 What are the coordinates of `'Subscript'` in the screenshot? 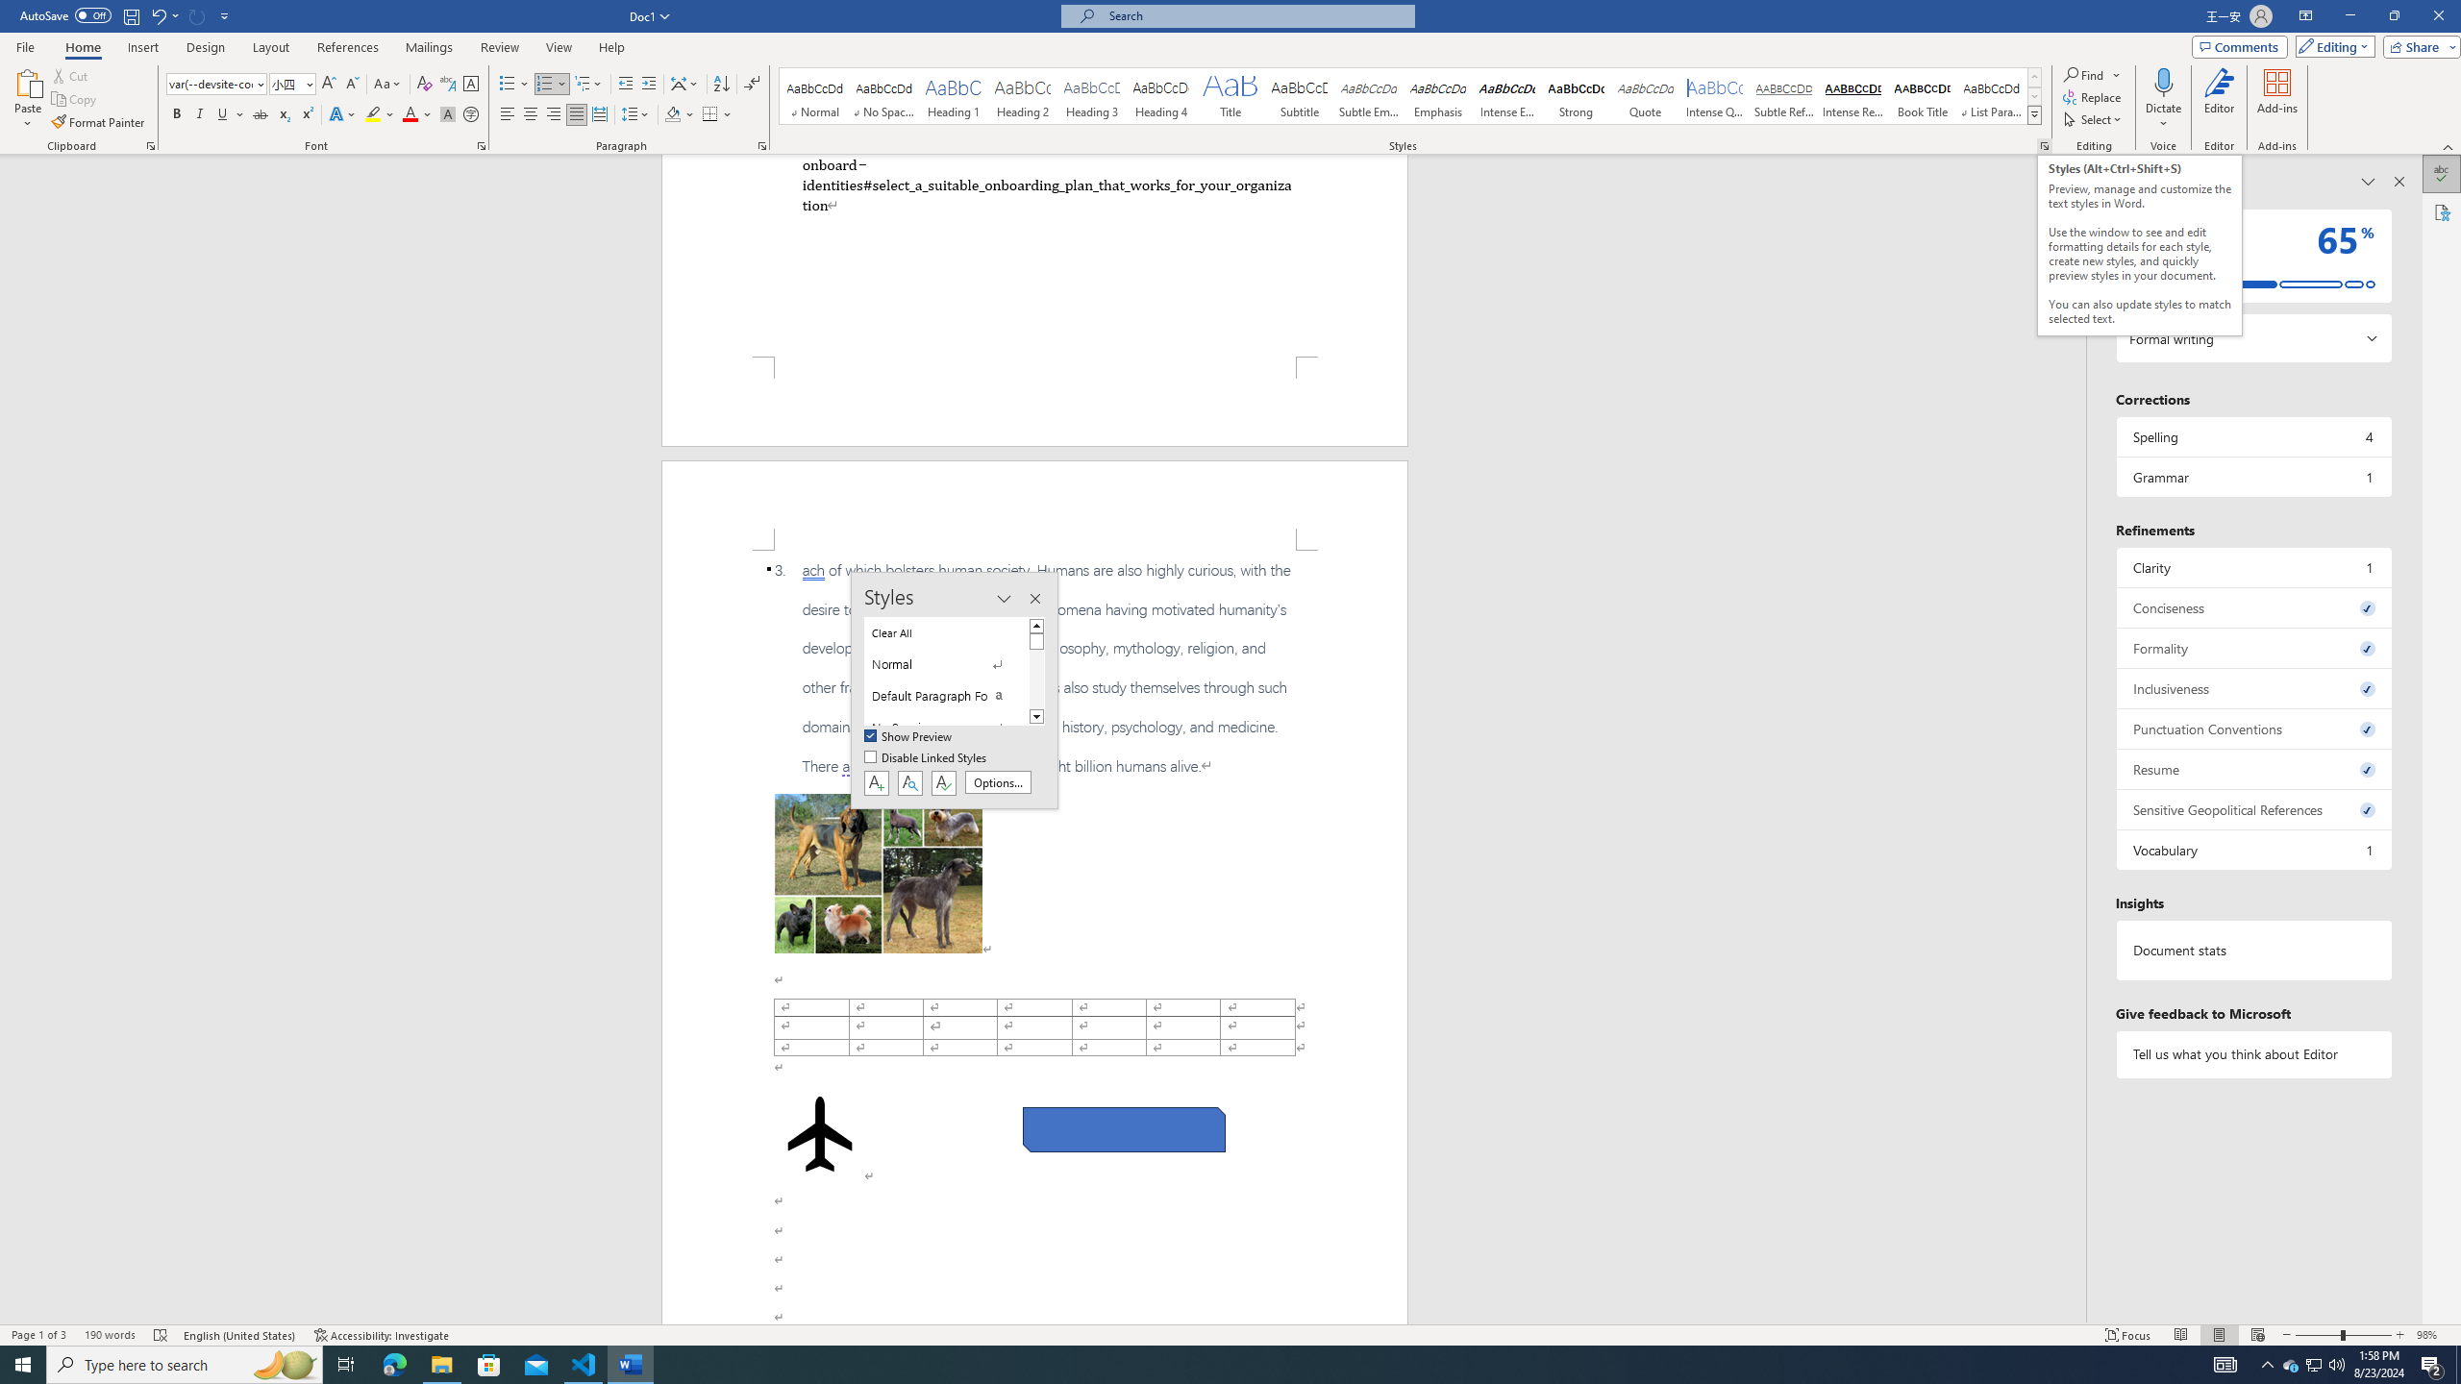 It's located at (283, 113).